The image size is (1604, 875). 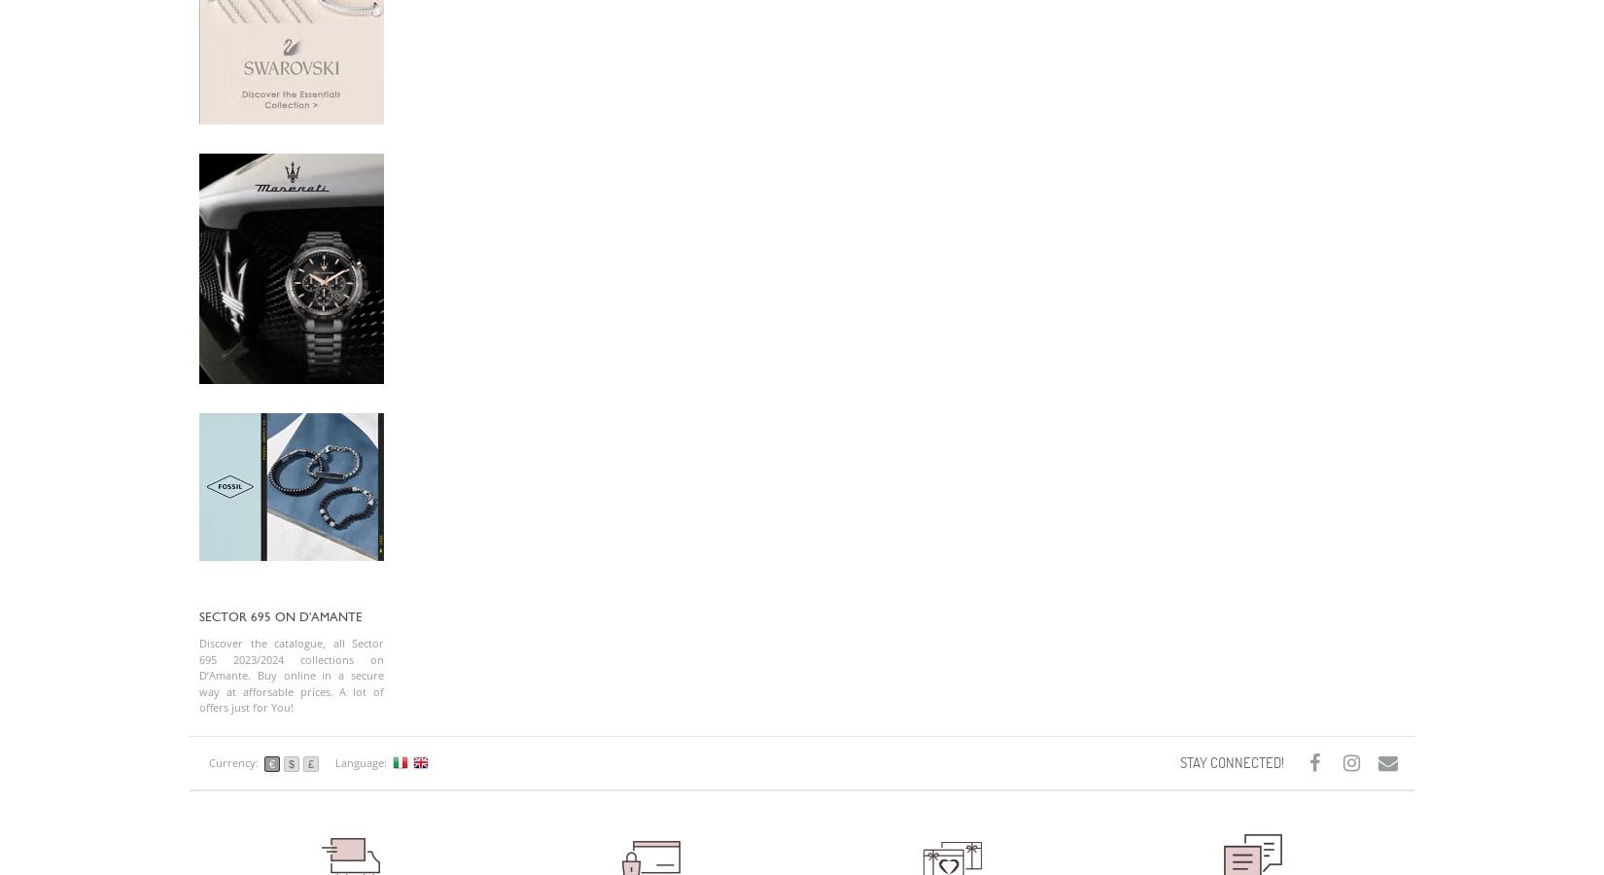 What do you see at coordinates (291, 142) in the screenshot?
I see `'Part. IVA 01757100282- PD - 380466 -'` at bounding box center [291, 142].